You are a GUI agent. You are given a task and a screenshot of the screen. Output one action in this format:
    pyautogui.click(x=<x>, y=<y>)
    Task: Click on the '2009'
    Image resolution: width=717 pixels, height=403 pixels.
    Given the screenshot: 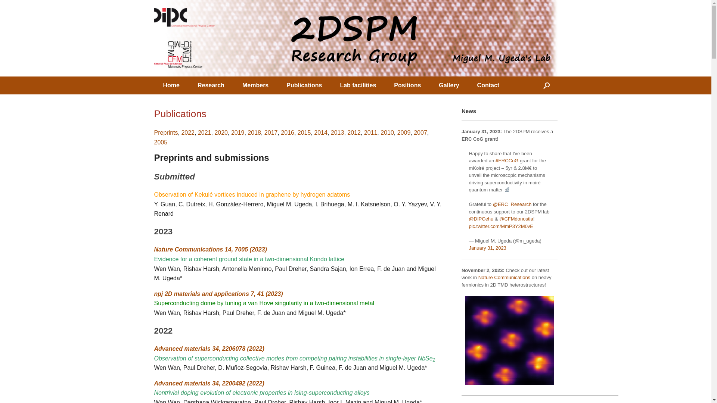 What is the action you would take?
    pyautogui.click(x=397, y=132)
    